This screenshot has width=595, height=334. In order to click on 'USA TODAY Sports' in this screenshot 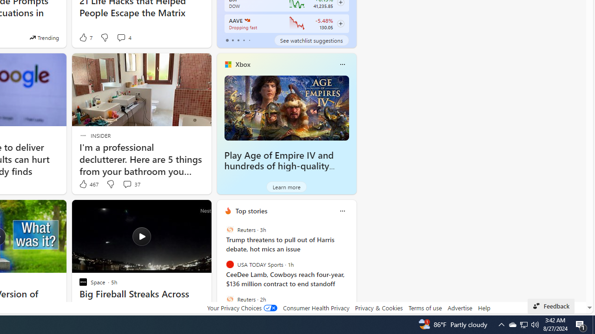, I will do `click(230, 264)`.